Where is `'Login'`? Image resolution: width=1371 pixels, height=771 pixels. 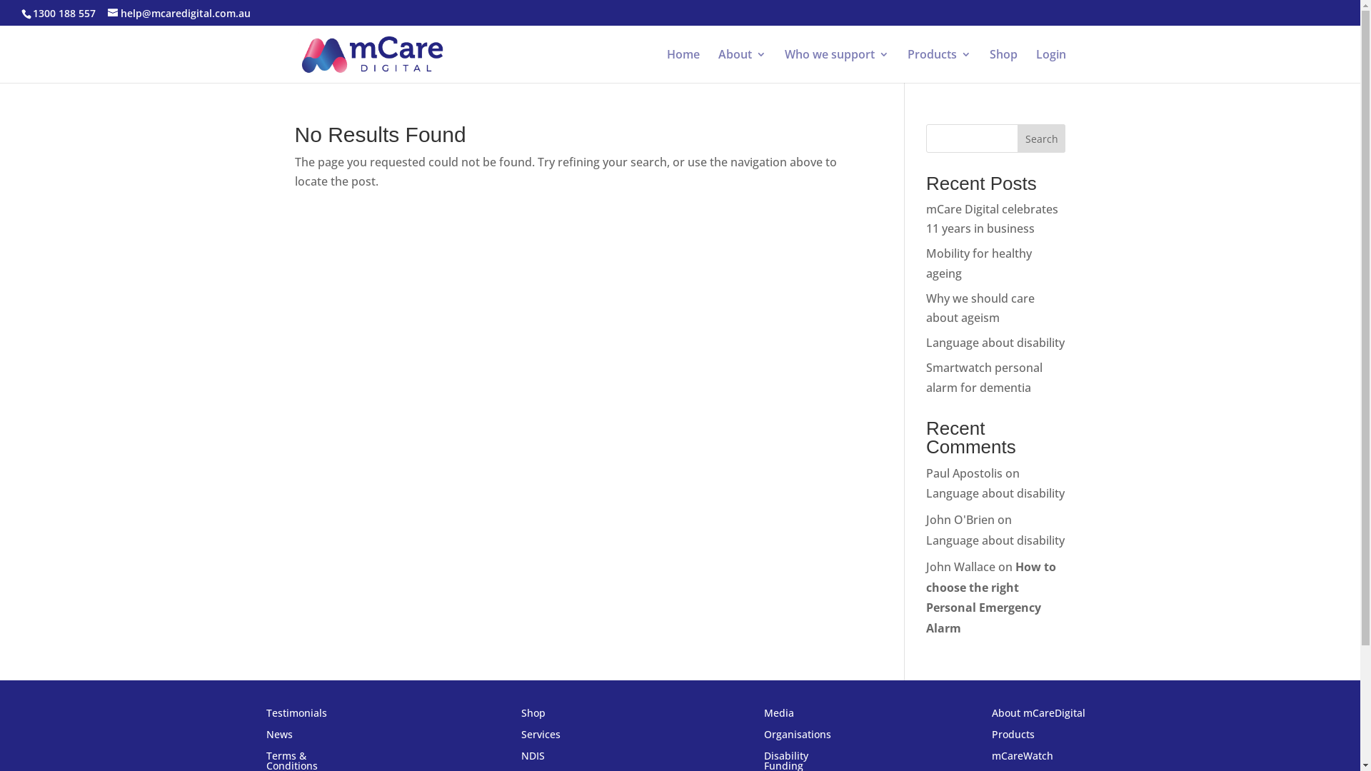
'Login' is located at coordinates (1050, 66).